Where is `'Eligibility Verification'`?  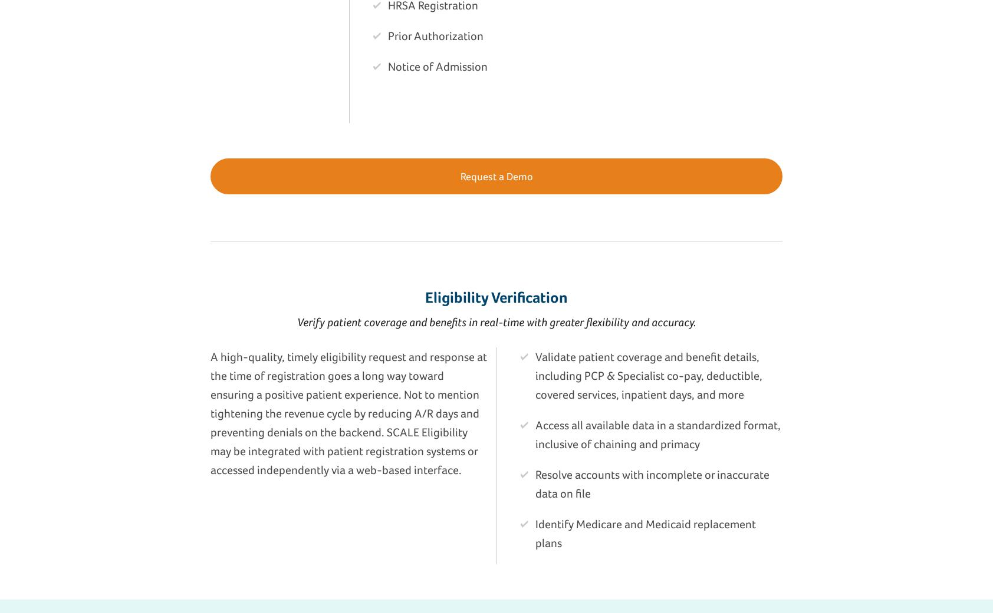
'Eligibility Verification' is located at coordinates (496, 296).